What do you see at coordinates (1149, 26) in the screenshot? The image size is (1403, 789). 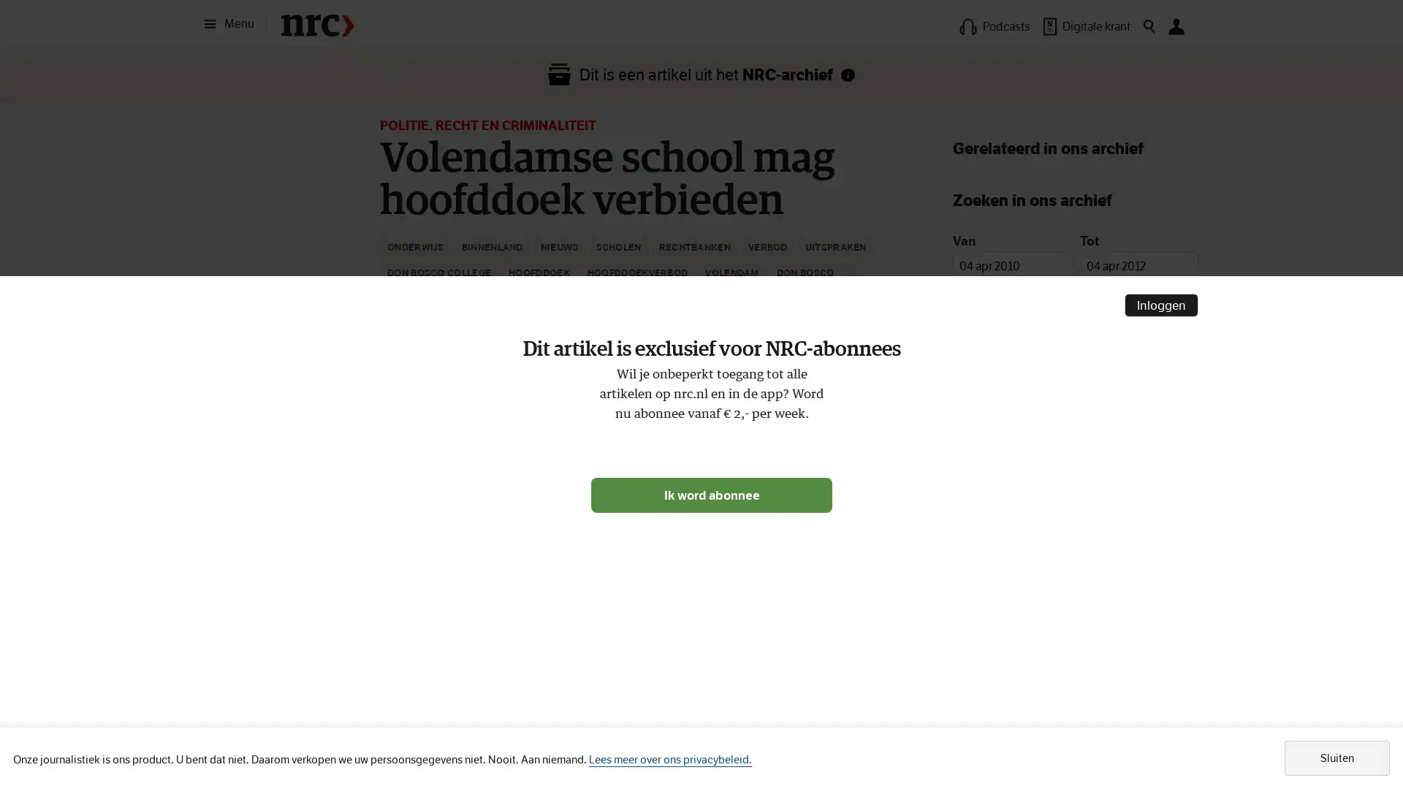 I see `Zoeken` at bounding box center [1149, 26].